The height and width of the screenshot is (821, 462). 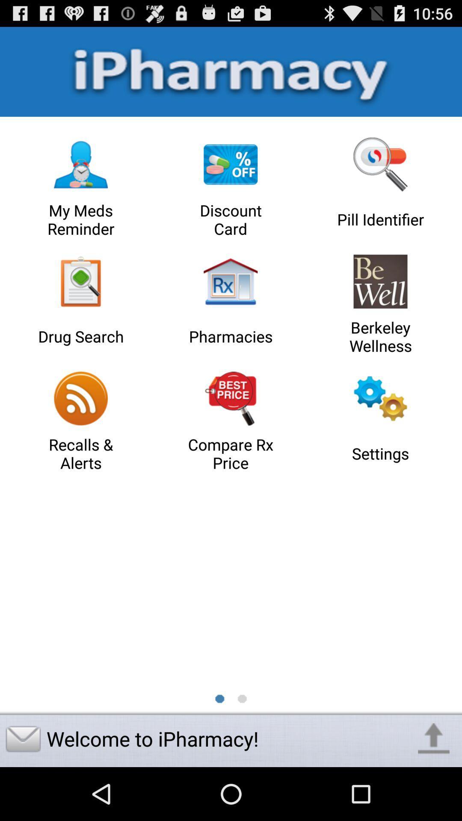 I want to click on page up, so click(x=434, y=738).